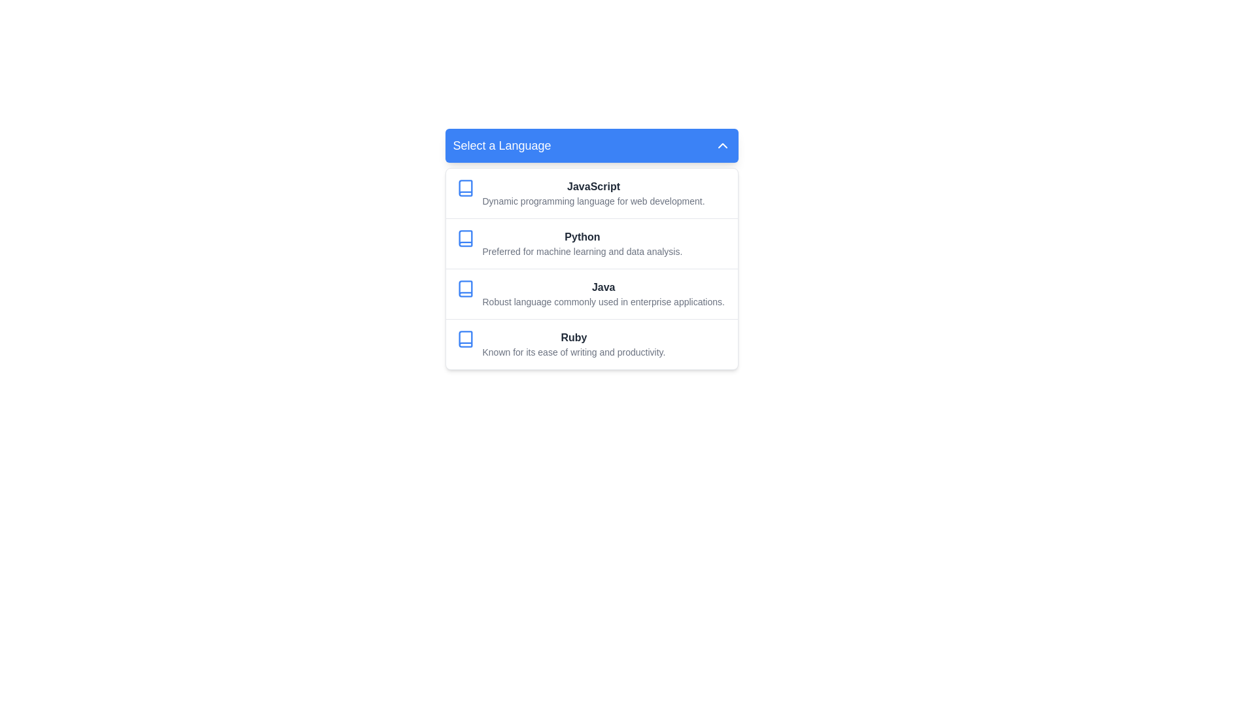 The image size is (1256, 706). What do you see at coordinates (602, 294) in the screenshot?
I see `the third item` at bounding box center [602, 294].